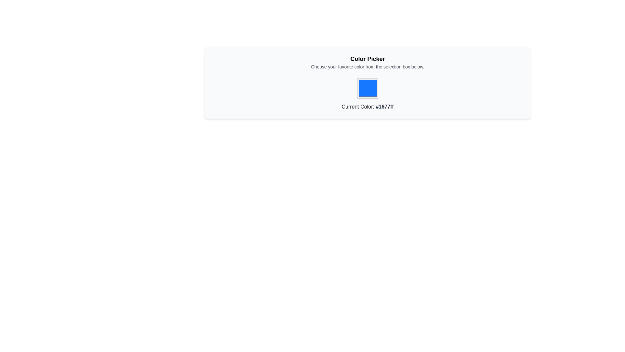  Describe the element at coordinates (368, 66) in the screenshot. I see `the instructional text guiding the user to select a color from the color picker located below the 'Color Picker' header` at that location.